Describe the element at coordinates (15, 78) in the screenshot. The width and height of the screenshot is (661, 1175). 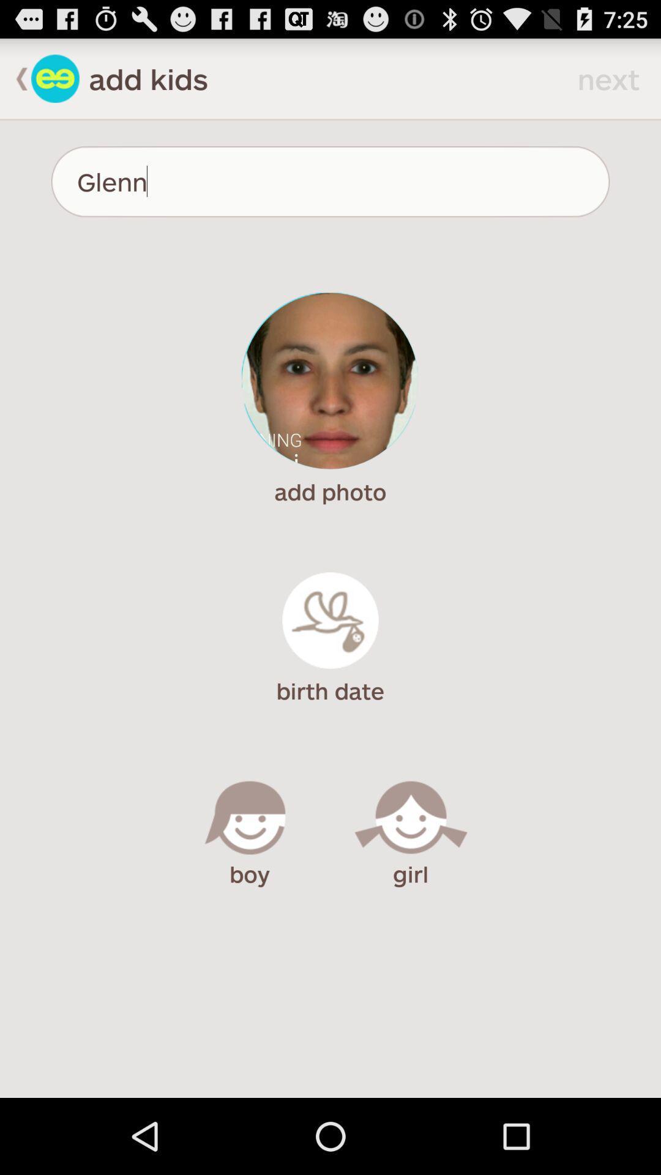
I see `go back` at that location.